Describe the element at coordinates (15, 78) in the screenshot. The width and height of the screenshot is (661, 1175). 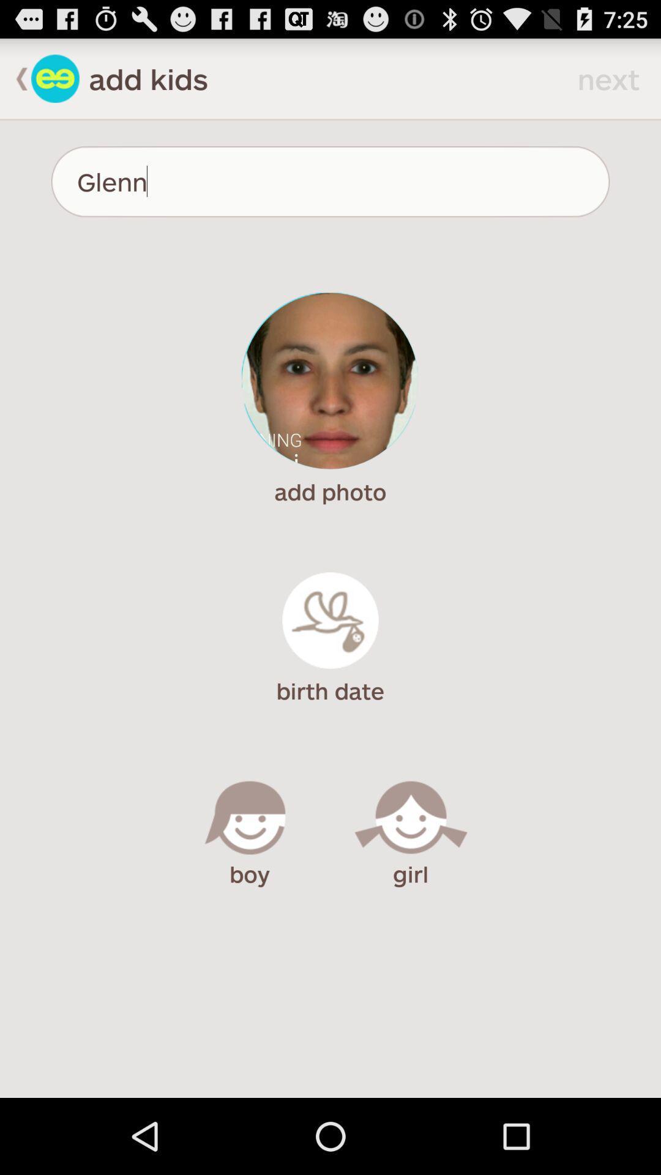
I see `go back` at that location.